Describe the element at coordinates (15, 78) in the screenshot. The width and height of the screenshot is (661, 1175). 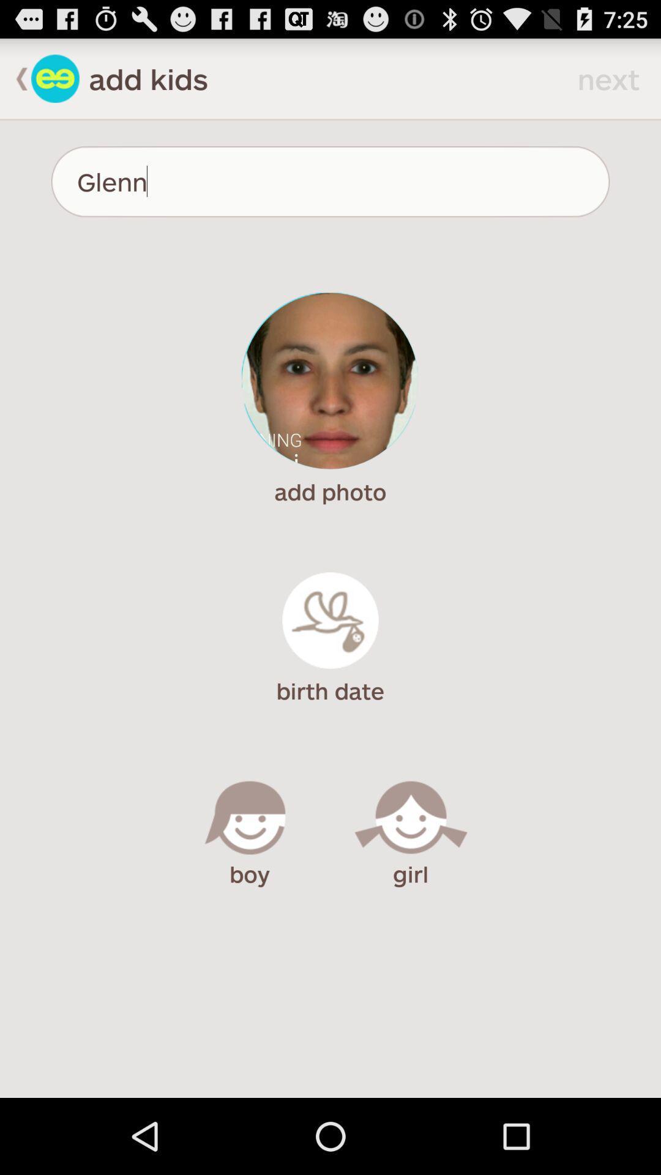
I see `go back` at that location.